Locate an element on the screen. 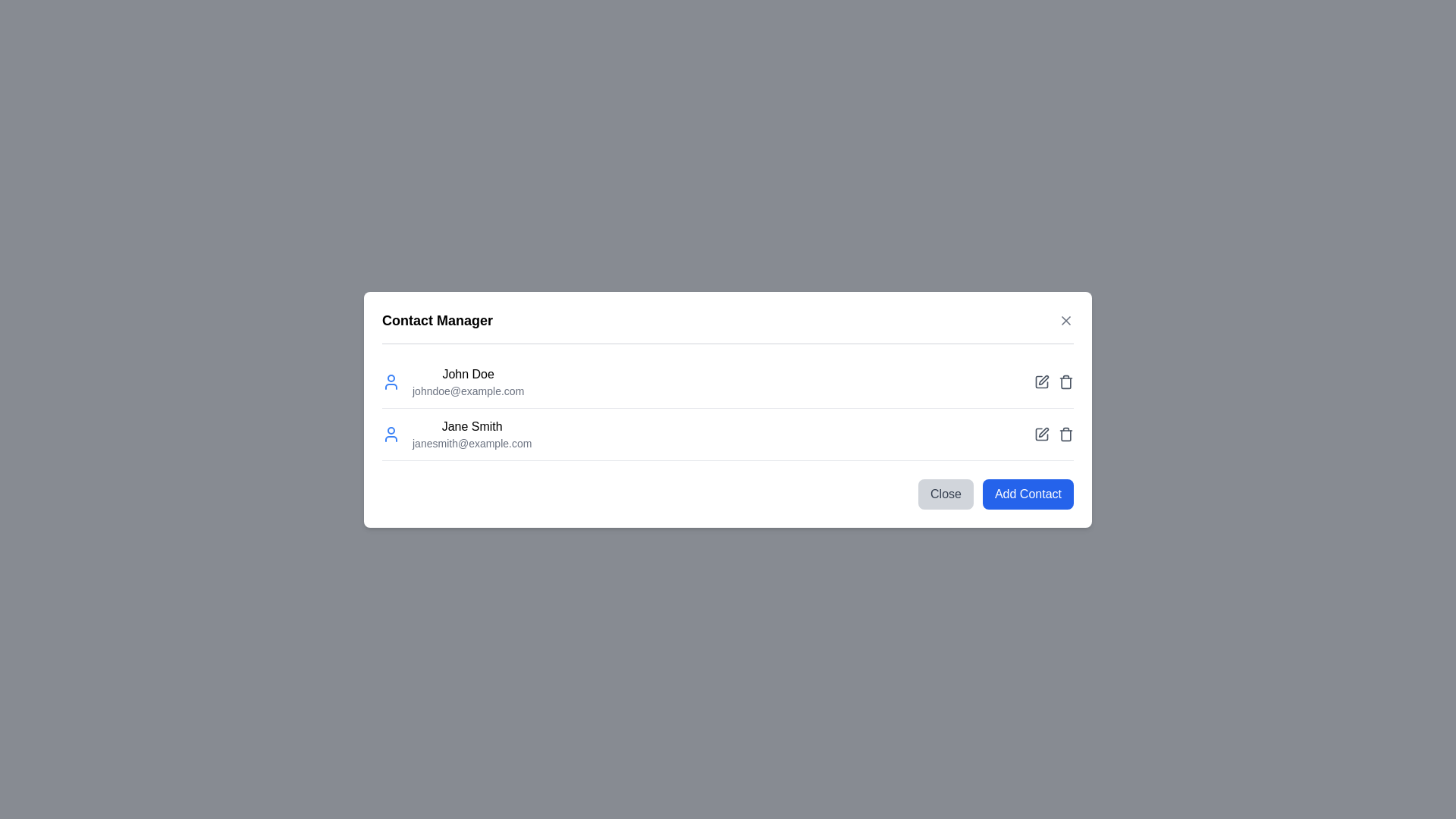 The width and height of the screenshot is (1456, 819). the static text displaying the email address 'johndoe@example.com', which is located immediately below 'John Doe' in the contact list is located at coordinates (467, 390).